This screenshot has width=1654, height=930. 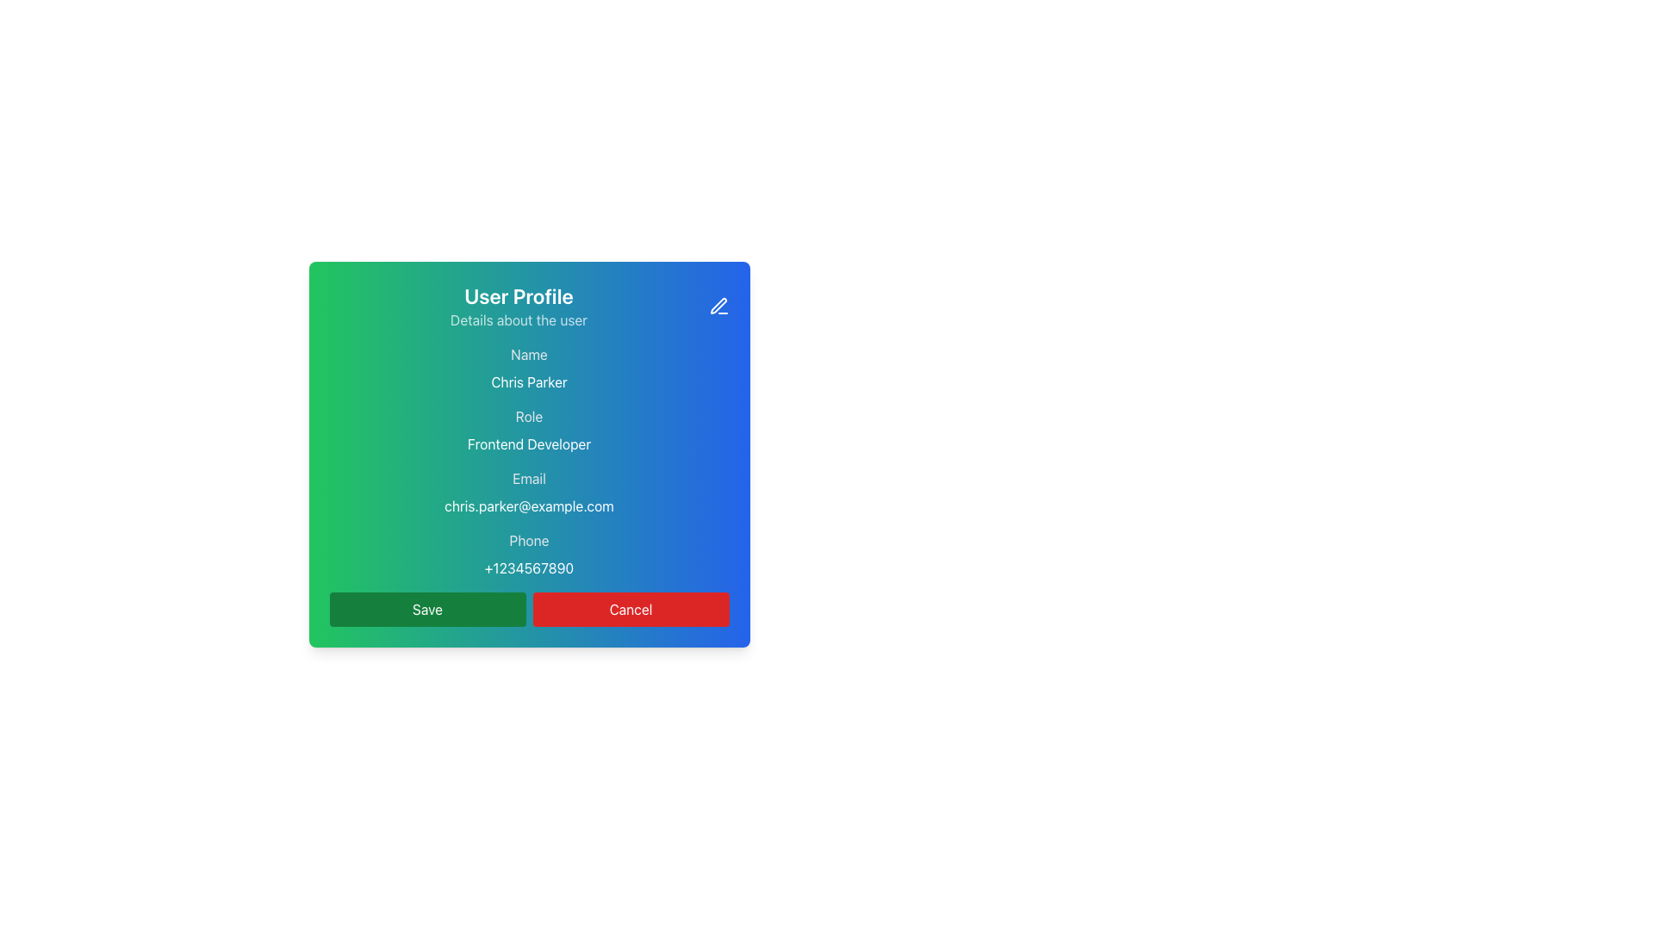 What do you see at coordinates (630, 609) in the screenshot?
I see `the 'Cancel' button, which is a rectangular button with a red background and white text, located in the lower right section of the interface, adjacent to the 'Save' button` at bounding box center [630, 609].